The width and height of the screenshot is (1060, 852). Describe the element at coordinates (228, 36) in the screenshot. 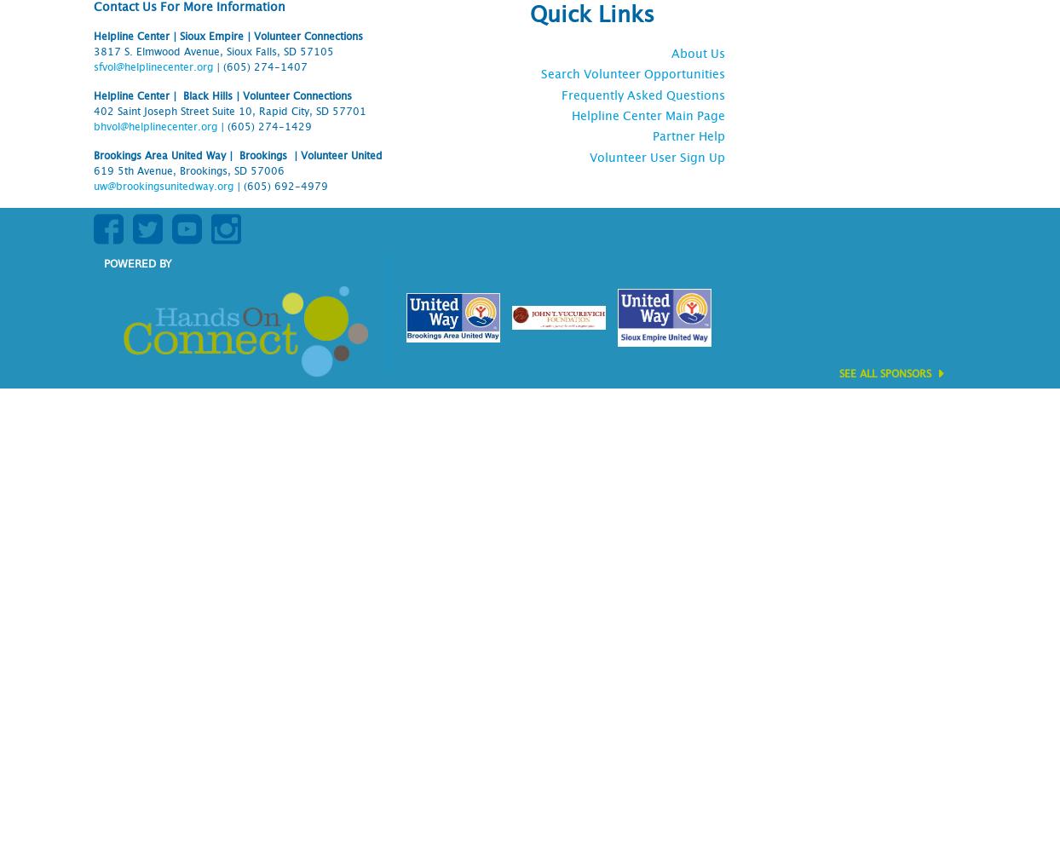

I see `'Helpline Center | Sioux Empire | Volunteer Connections'` at that location.